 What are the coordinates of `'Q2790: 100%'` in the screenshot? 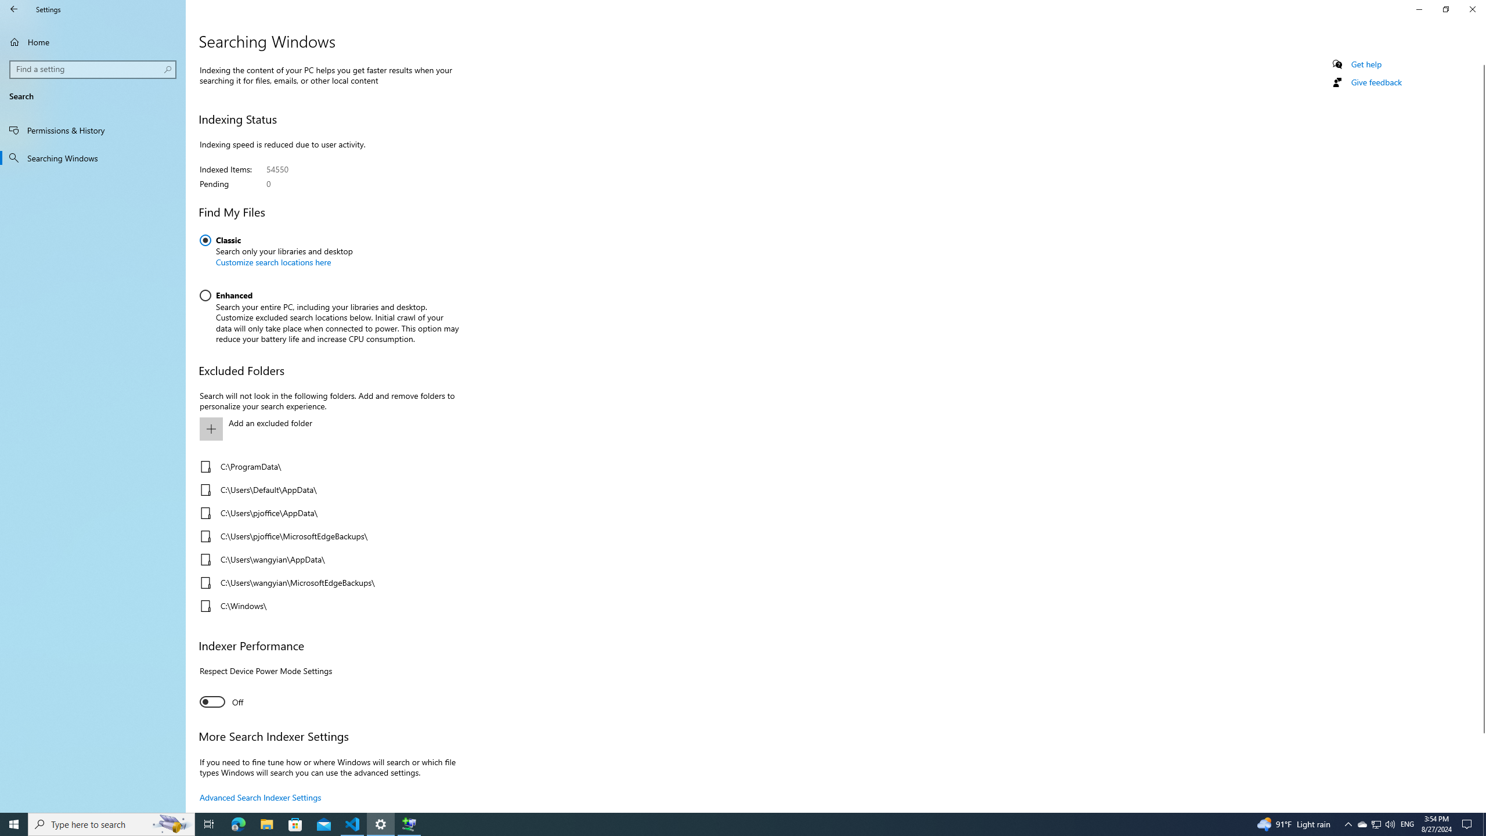 It's located at (1389, 823).